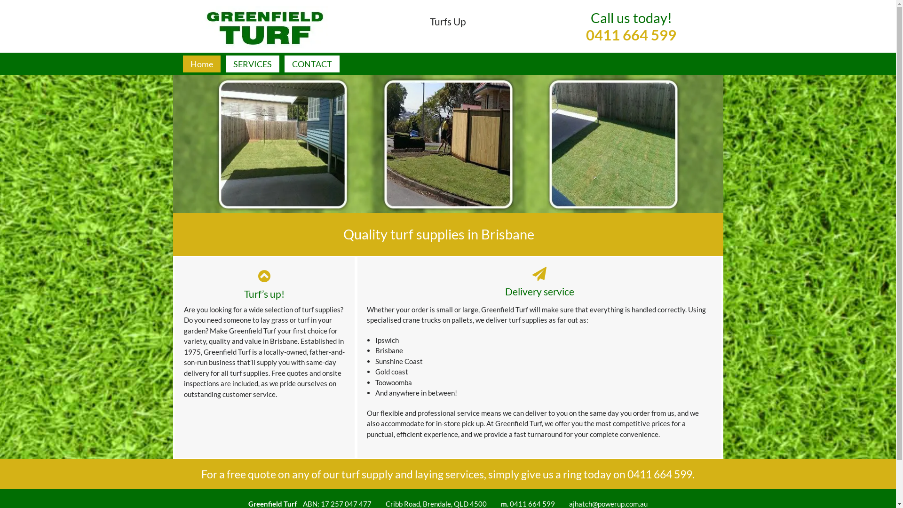 Image resolution: width=903 pixels, height=508 pixels. I want to click on 'greenfield turf on home', so click(448, 144).